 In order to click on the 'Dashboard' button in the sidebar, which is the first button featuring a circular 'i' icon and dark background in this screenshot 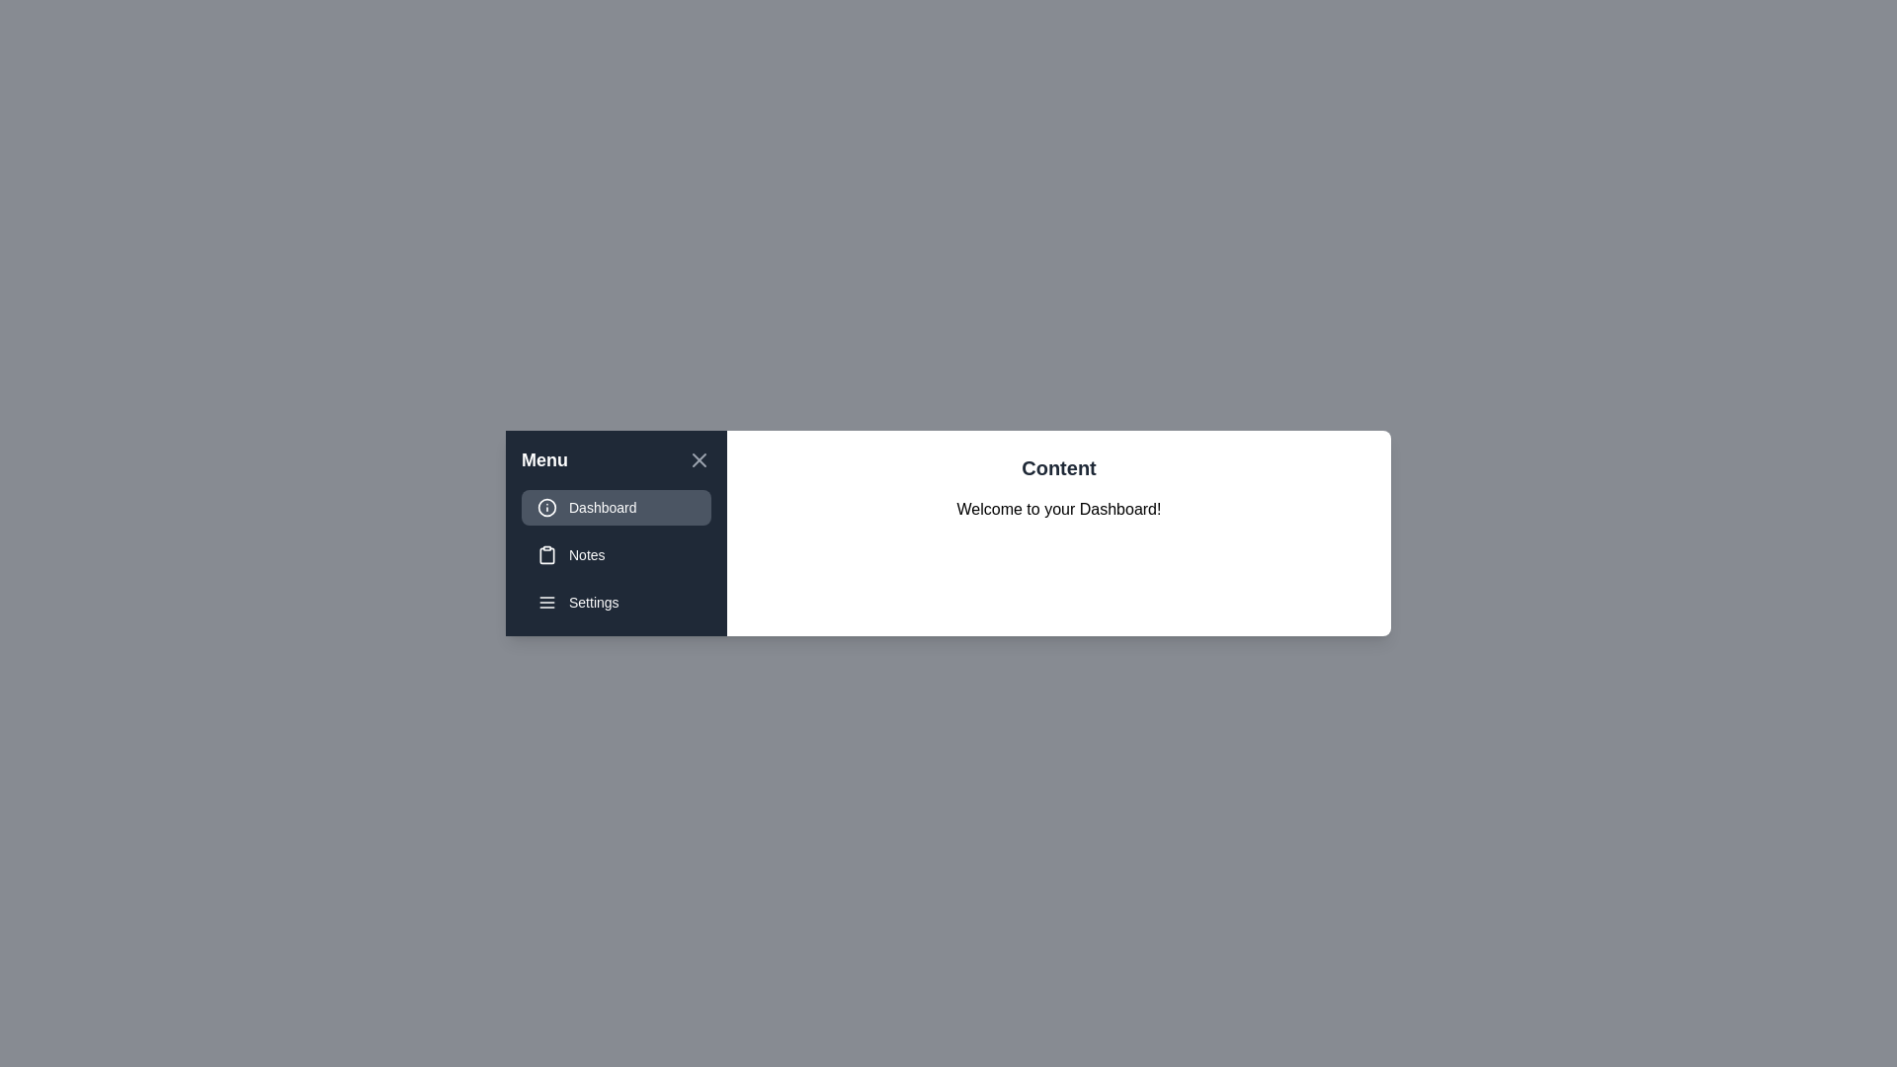, I will do `click(616, 506)`.